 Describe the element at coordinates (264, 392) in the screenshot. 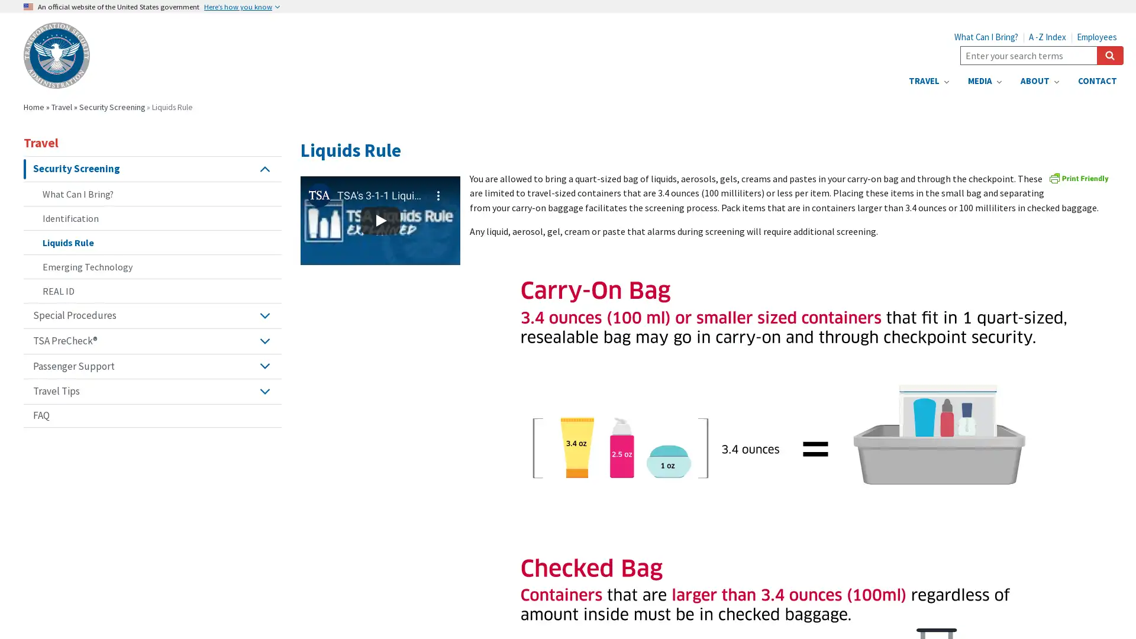

I see `Toggle submenu for 'Travel Tips'` at that location.